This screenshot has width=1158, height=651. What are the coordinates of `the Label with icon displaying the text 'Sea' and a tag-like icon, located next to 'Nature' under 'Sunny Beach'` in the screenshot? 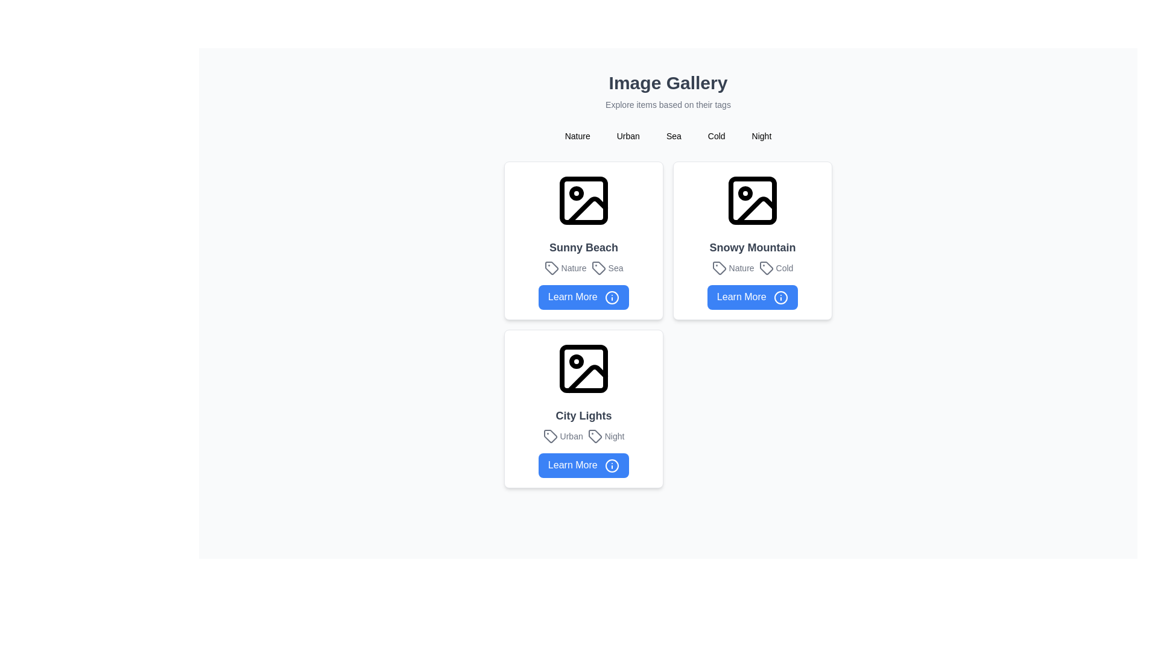 It's located at (607, 267).